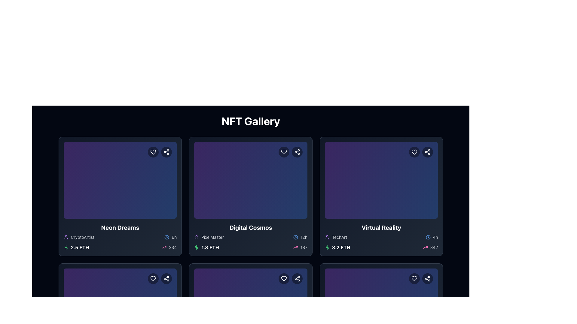 The image size is (577, 324). Describe the element at coordinates (82, 237) in the screenshot. I see `the 'CryptoArtist' text label` at that location.